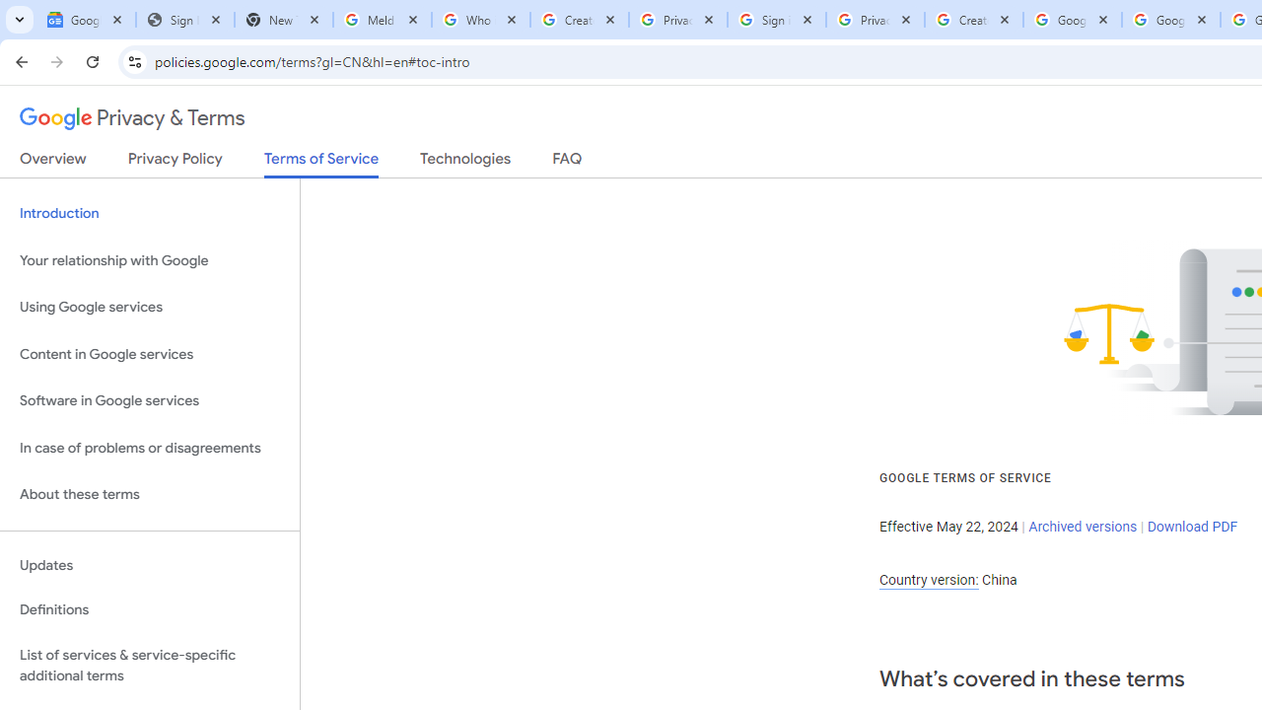 Image resolution: width=1262 pixels, height=710 pixels. I want to click on 'Create your Google Account', so click(974, 20).